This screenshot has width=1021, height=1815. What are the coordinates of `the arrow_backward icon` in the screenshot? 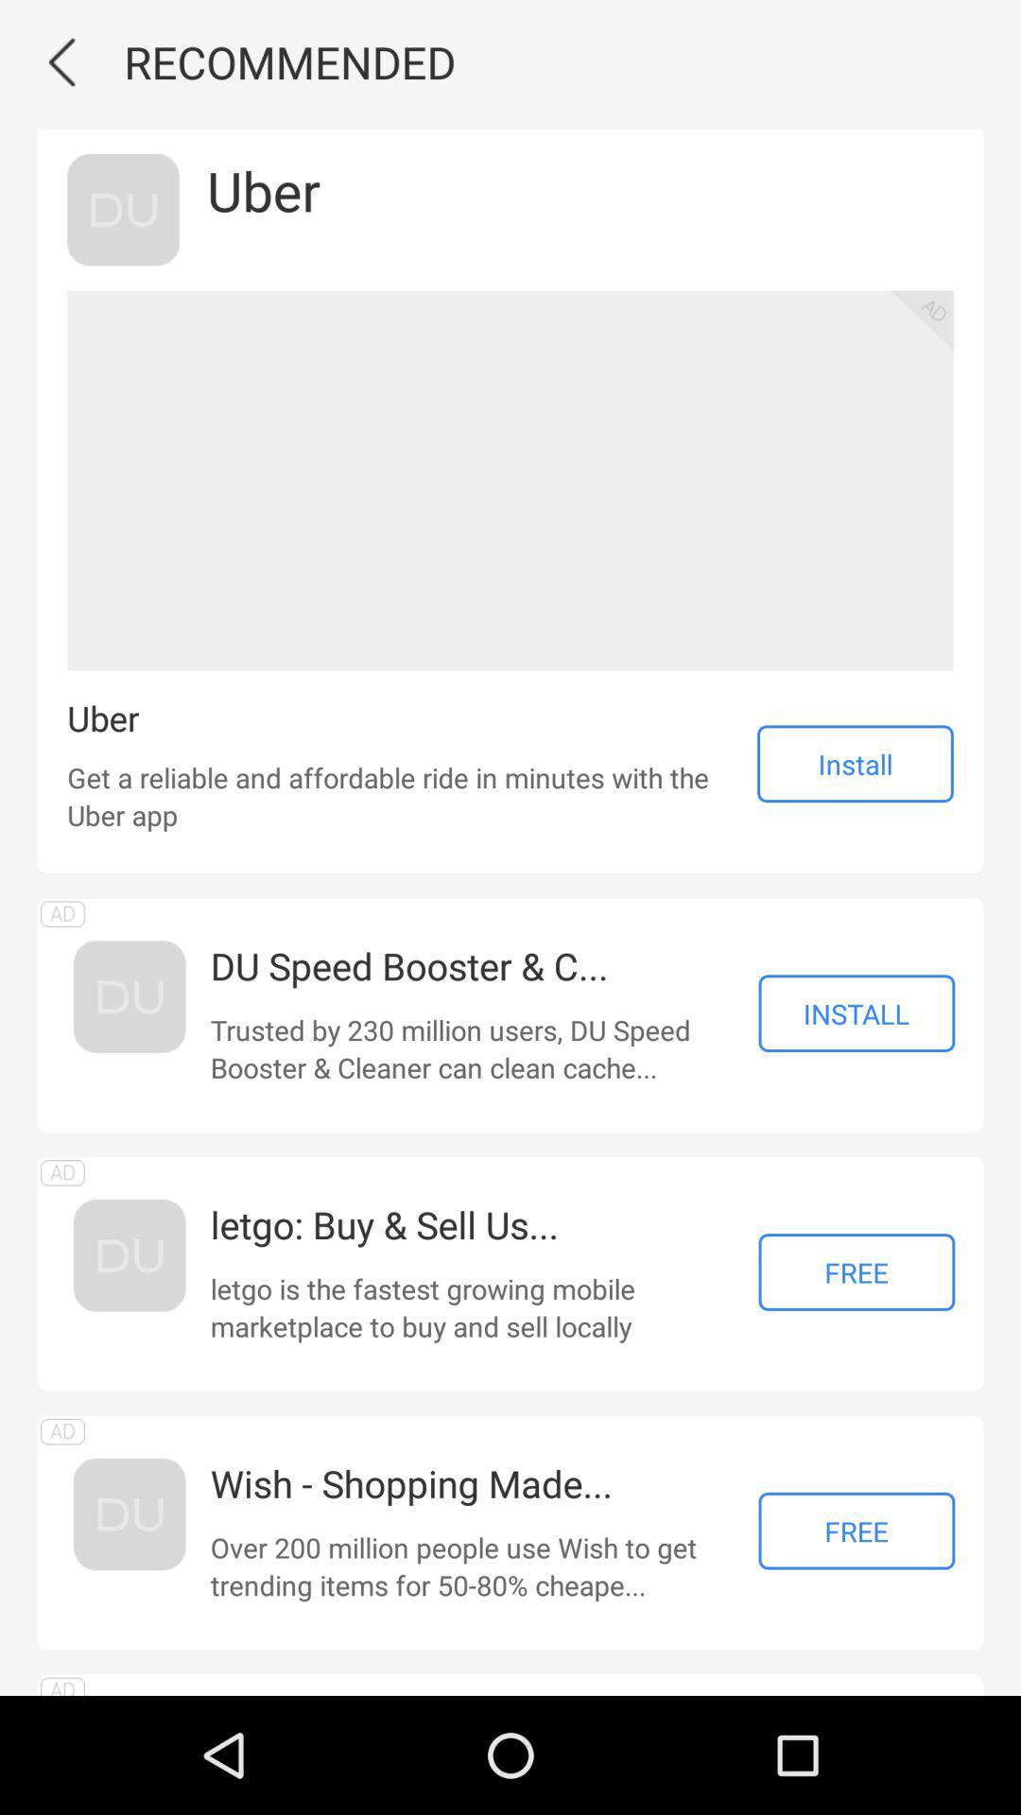 It's located at (61, 66).